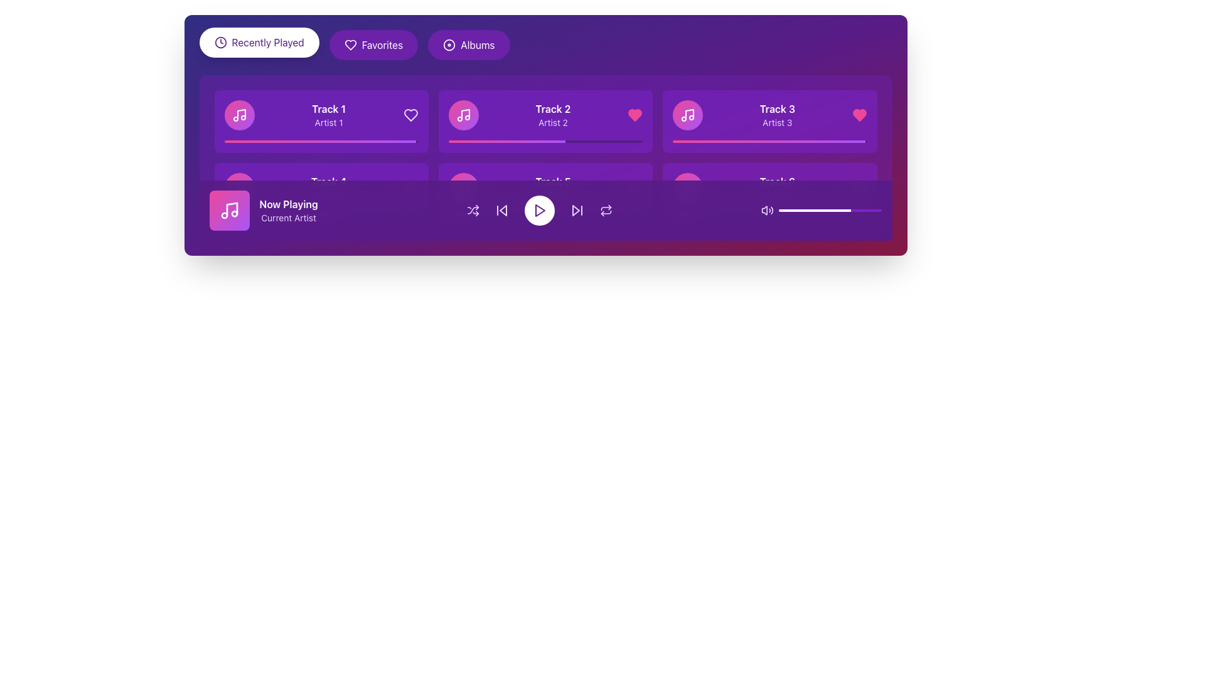 Image resolution: width=1205 pixels, height=677 pixels. Describe the element at coordinates (552, 115) in the screenshot. I see `the Text label that displays 'Track 2' and 'Artist 2'` at that location.